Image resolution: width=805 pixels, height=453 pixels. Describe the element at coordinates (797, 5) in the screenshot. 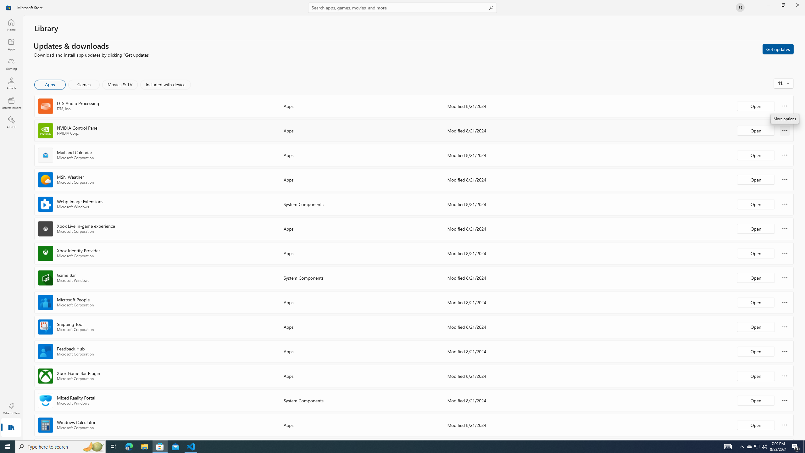

I see `'Close Microsoft Store'` at that location.